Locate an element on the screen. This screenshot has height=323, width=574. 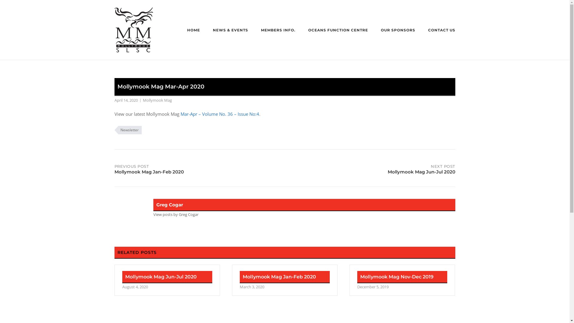
'Mollymook Mag Jan-Feb 2020 is located at coordinates (284, 280).